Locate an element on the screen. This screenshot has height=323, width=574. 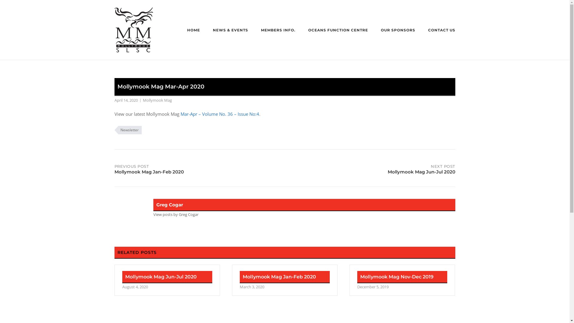
'Mollymook Mag Jan-Feb 2020 is located at coordinates (284, 280).